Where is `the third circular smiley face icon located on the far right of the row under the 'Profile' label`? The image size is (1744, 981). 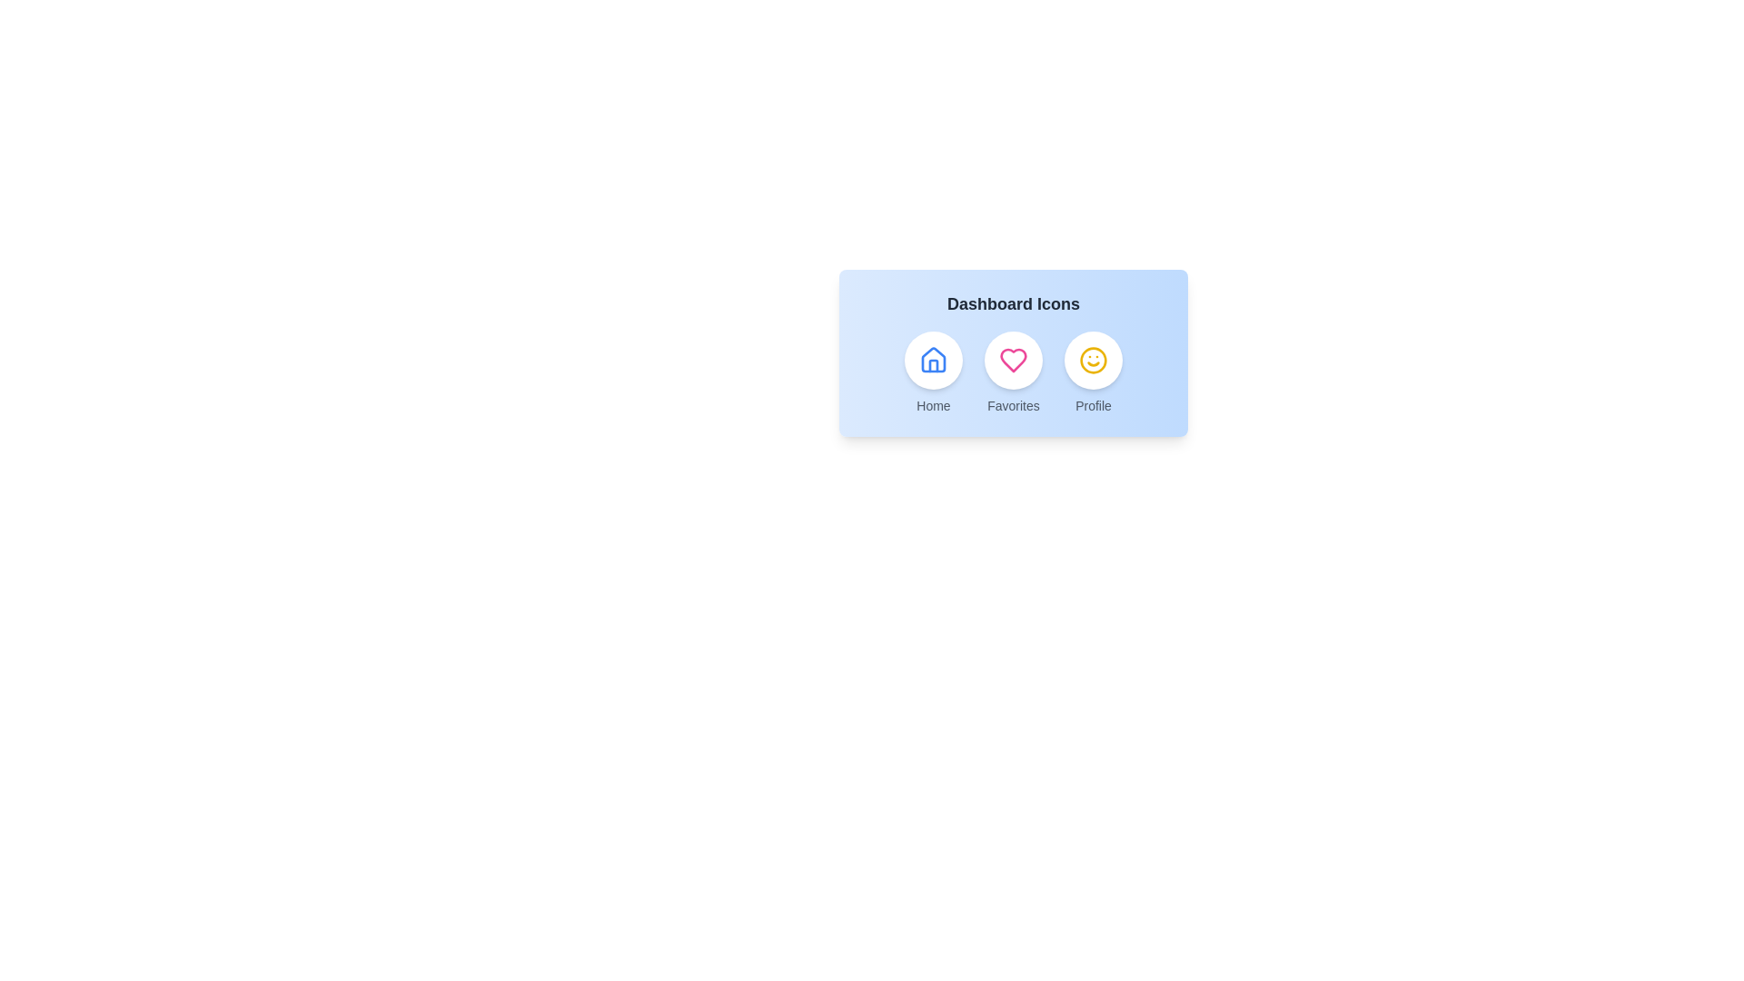 the third circular smiley face icon located on the far right of the row under the 'Profile' label is located at coordinates (1093, 361).